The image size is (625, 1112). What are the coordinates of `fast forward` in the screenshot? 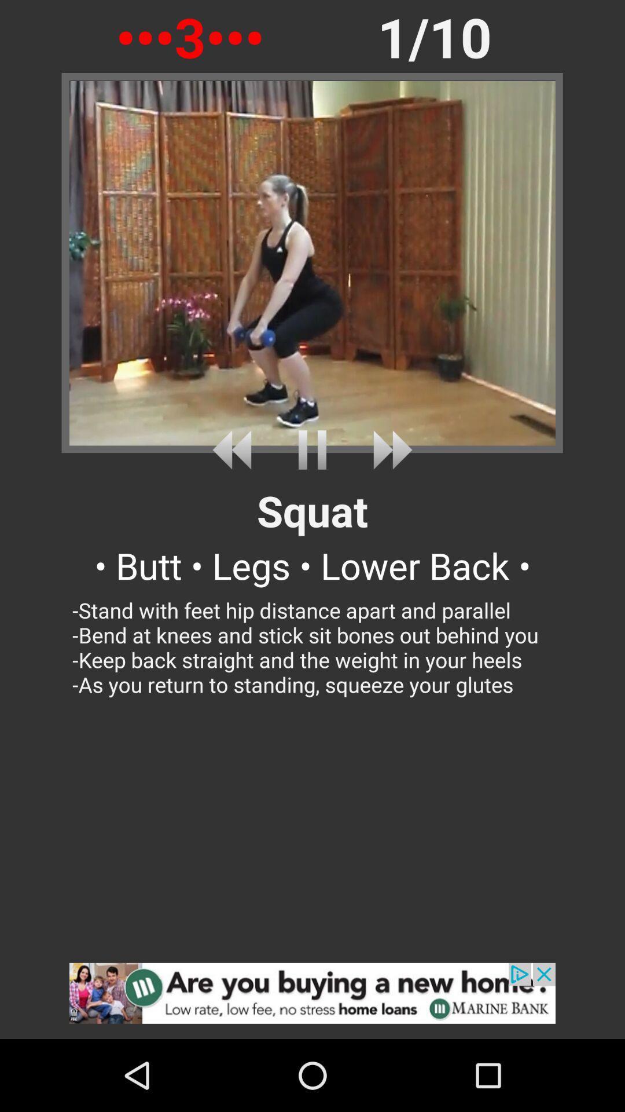 It's located at (388, 449).